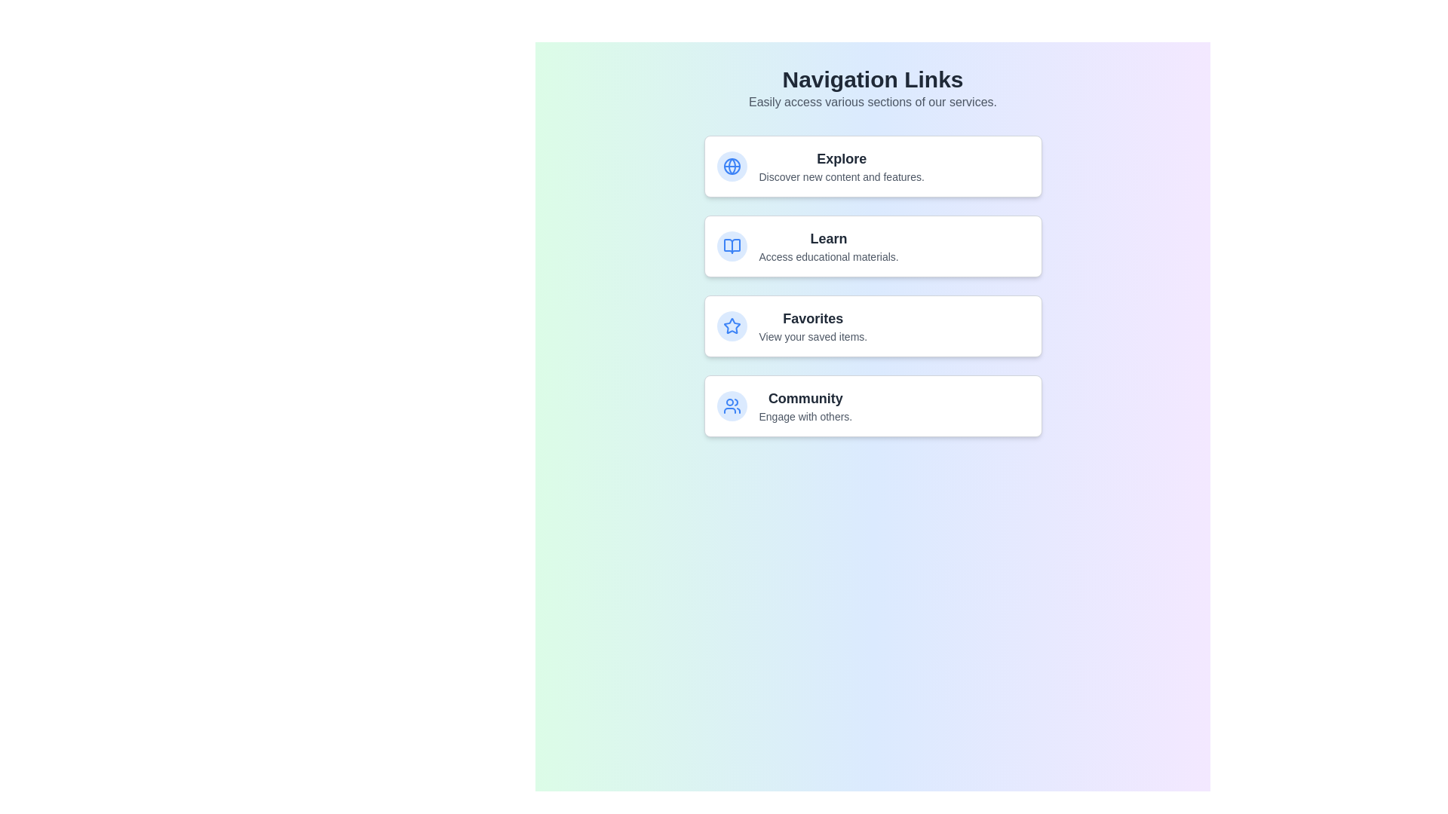  I want to click on the star-shaped vector icon with a blue outline located underneath the 'Favorites' label in the vertical navigation list, so click(732, 325).